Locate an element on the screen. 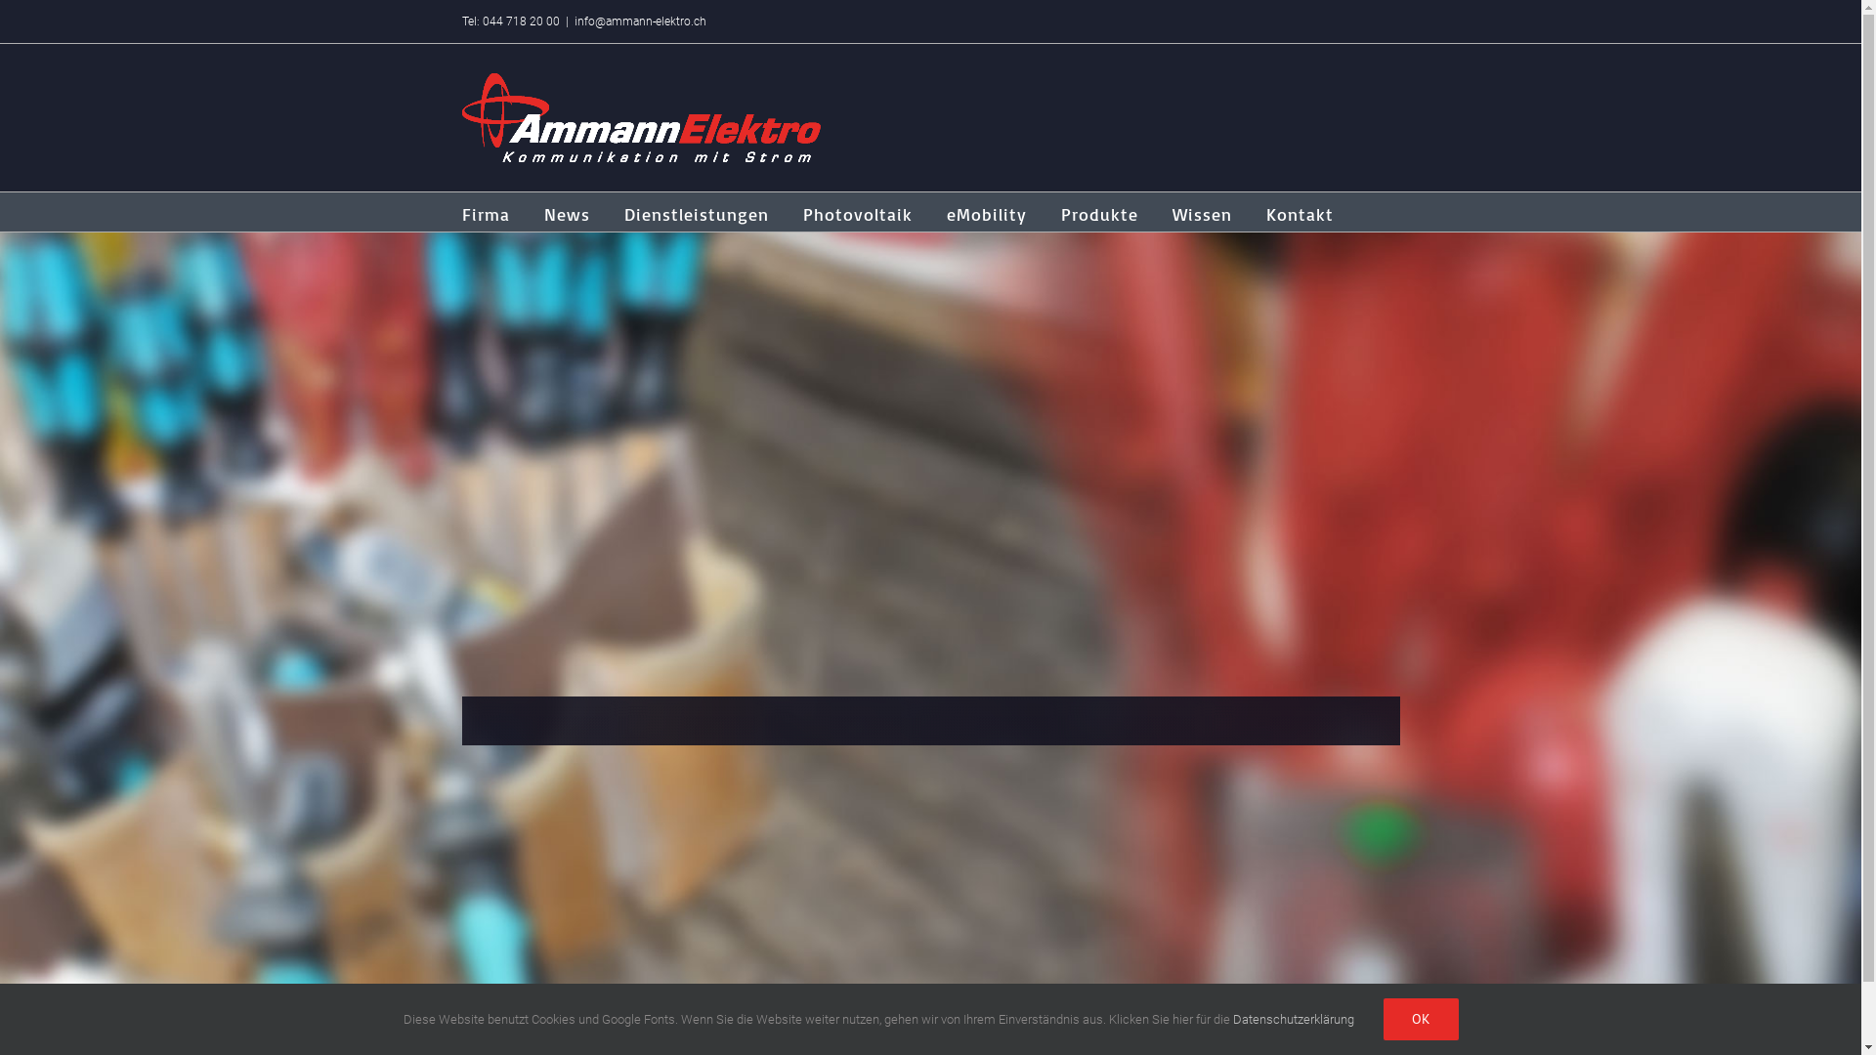  'Photovoltaik' is located at coordinates (858, 211).